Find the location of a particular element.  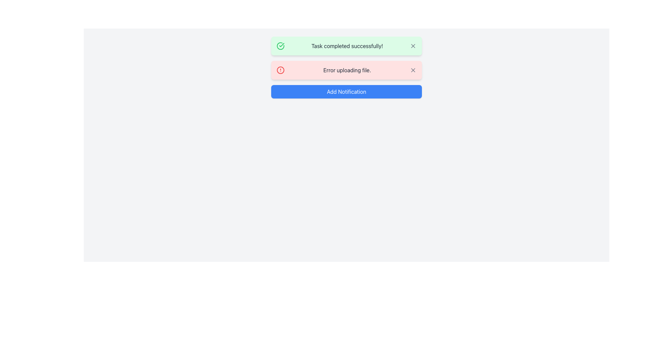

the success icon located at the top-left corner of the notification card titled 'Task completed successfully!', which is part of a circular element with a green background is located at coordinates (282, 45).